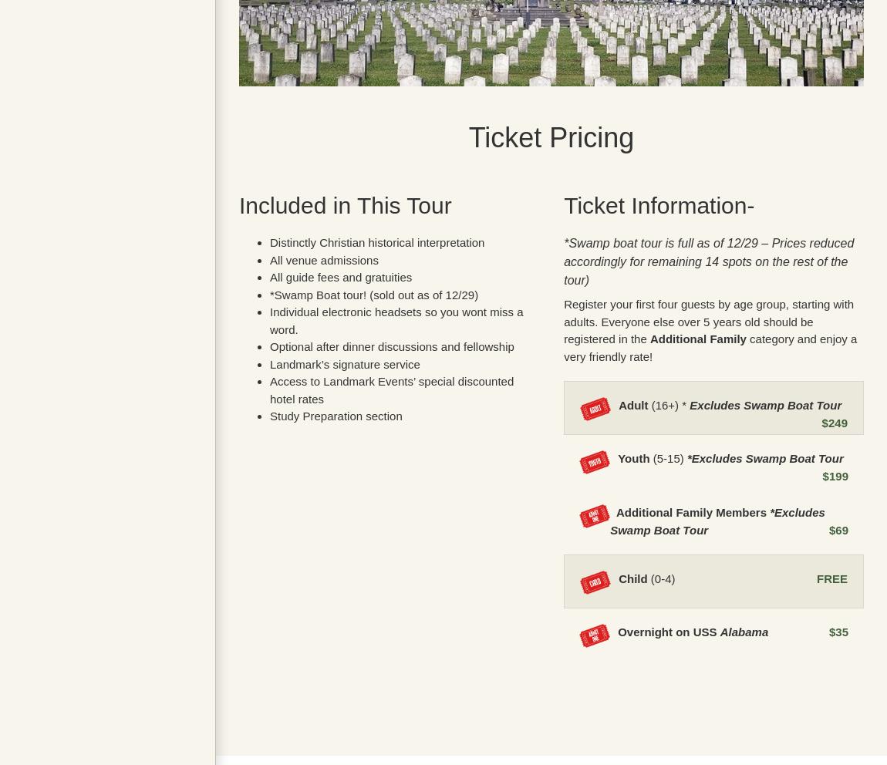 This screenshot has width=887, height=765. Describe the element at coordinates (831, 578) in the screenshot. I see `'FREE'` at that location.